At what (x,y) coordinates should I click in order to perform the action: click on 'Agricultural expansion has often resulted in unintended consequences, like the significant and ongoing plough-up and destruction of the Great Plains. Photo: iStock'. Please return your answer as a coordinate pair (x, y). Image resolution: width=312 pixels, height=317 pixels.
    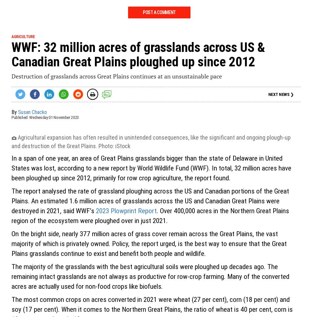
    Looking at the image, I should click on (150, 141).